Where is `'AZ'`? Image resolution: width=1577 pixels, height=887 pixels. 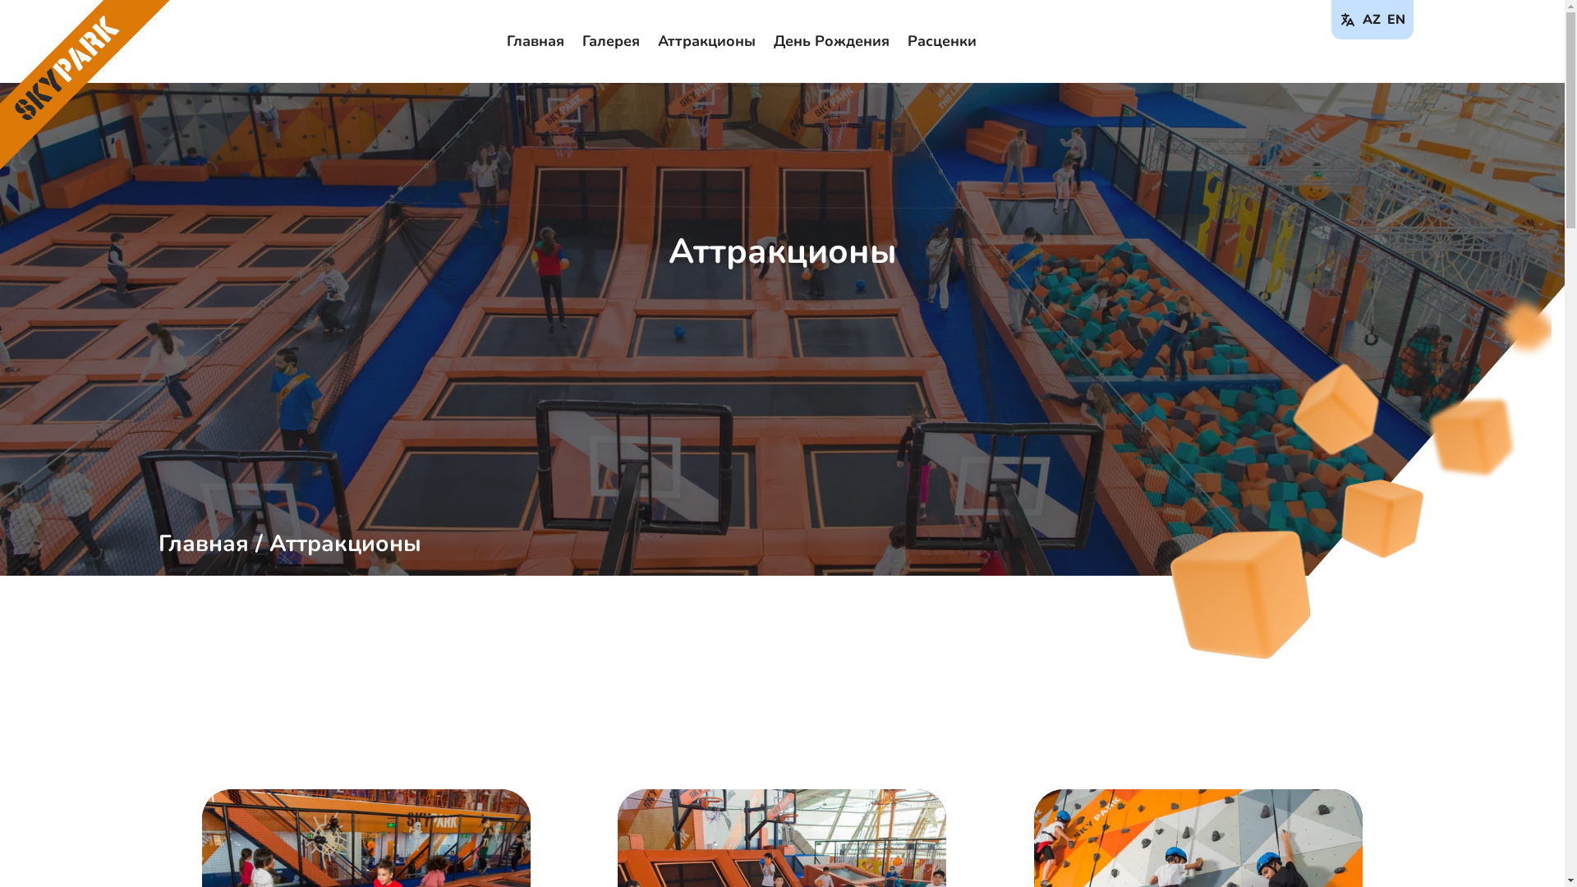 'AZ' is located at coordinates (1371, 19).